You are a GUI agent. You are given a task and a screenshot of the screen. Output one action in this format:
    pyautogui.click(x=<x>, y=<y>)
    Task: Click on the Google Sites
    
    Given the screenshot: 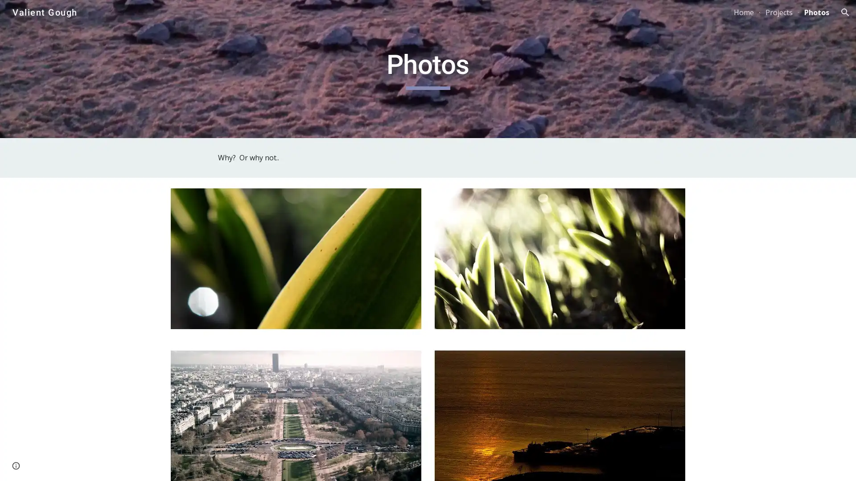 What is the action you would take?
    pyautogui.click(x=69, y=465)
    